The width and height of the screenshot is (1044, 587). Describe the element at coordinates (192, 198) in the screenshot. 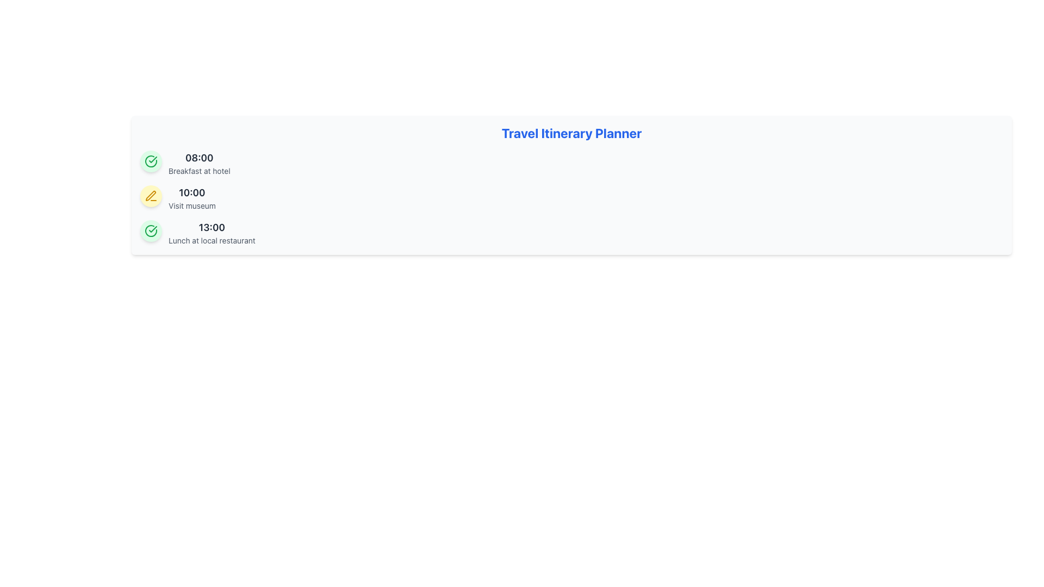

I see `the text block displaying the scheduled activity 'Visit museum' at '10:00', which is centrally located between '08:00 Breakfast at hotel' and '13:00 Lunch at local restaurant'` at that location.